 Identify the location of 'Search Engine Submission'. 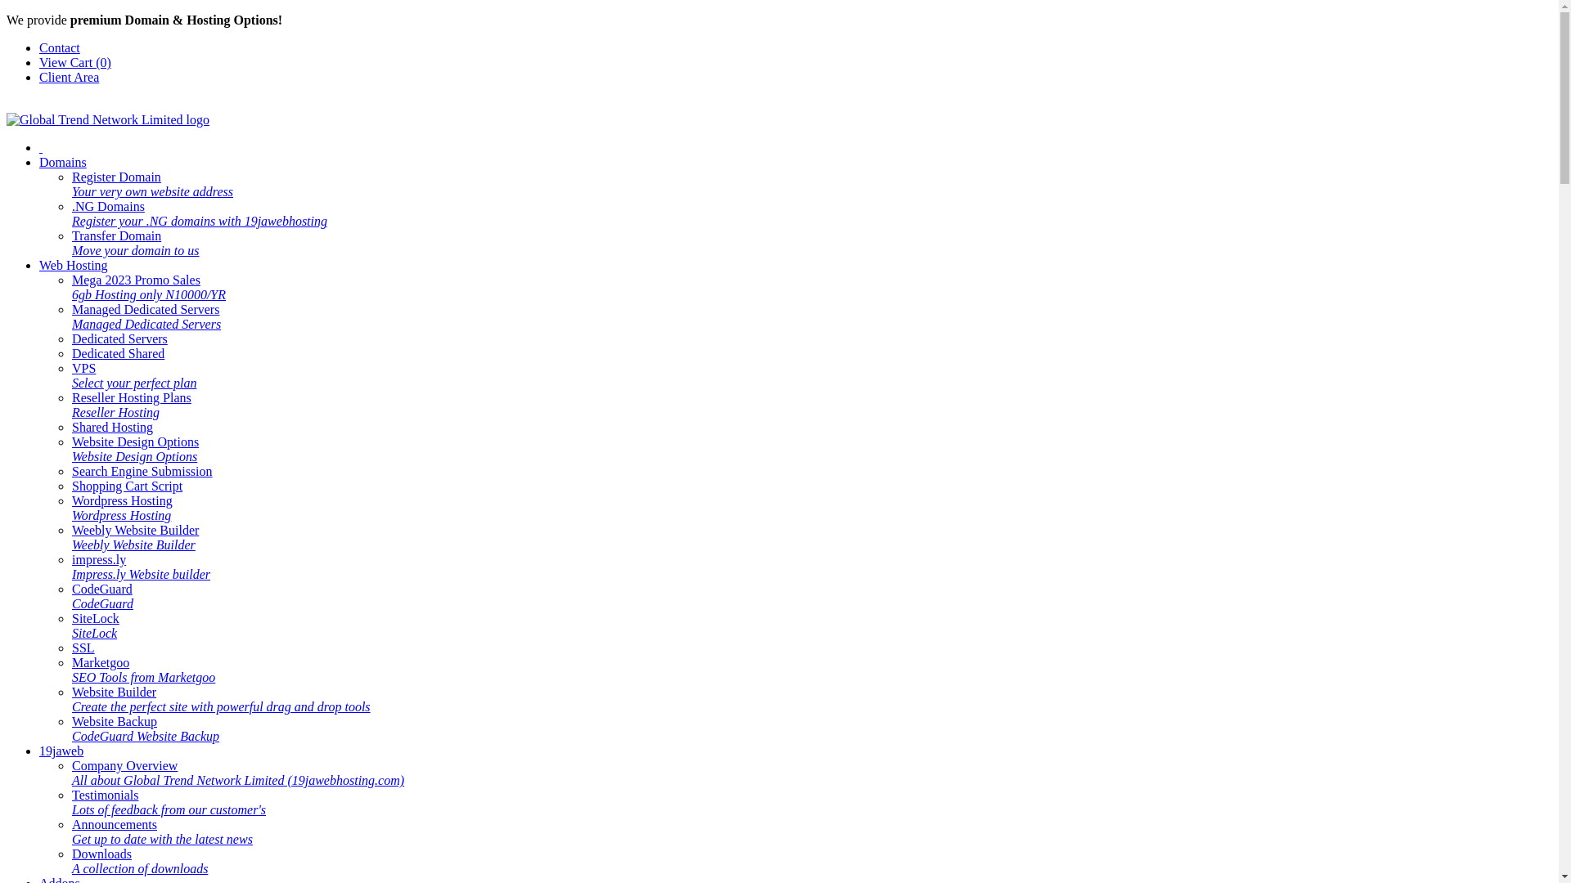
(142, 471).